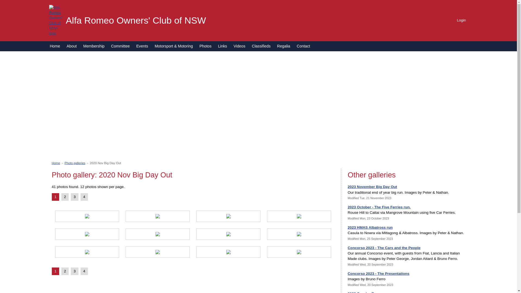  I want to click on 'About', so click(63, 46).